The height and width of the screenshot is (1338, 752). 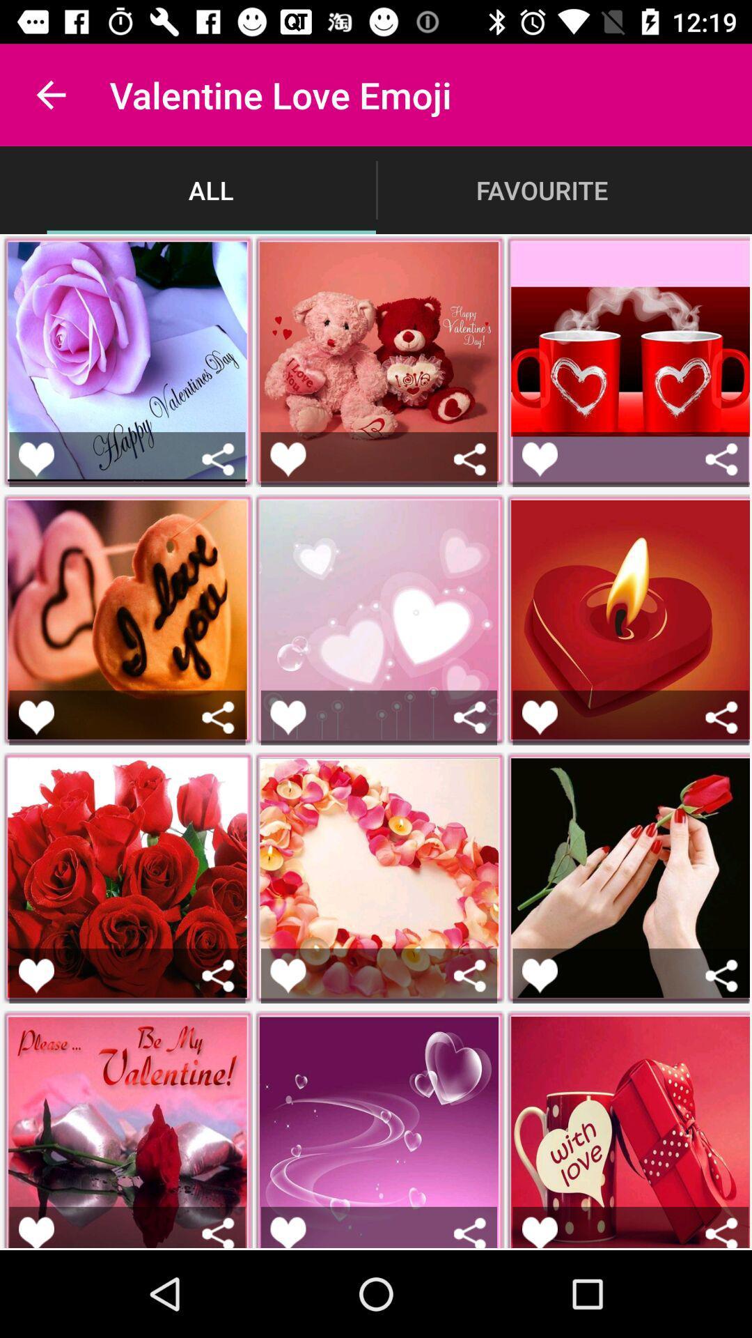 I want to click on to favorites, so click(x=287, y=975).